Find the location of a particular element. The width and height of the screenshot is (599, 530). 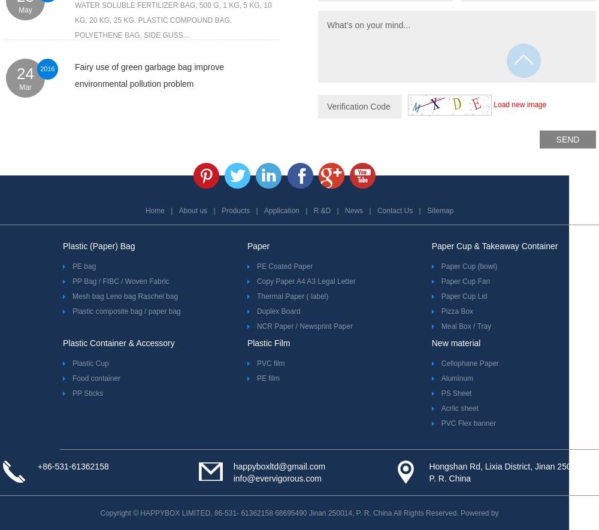

'Home' is located at coordinates (155, 210).